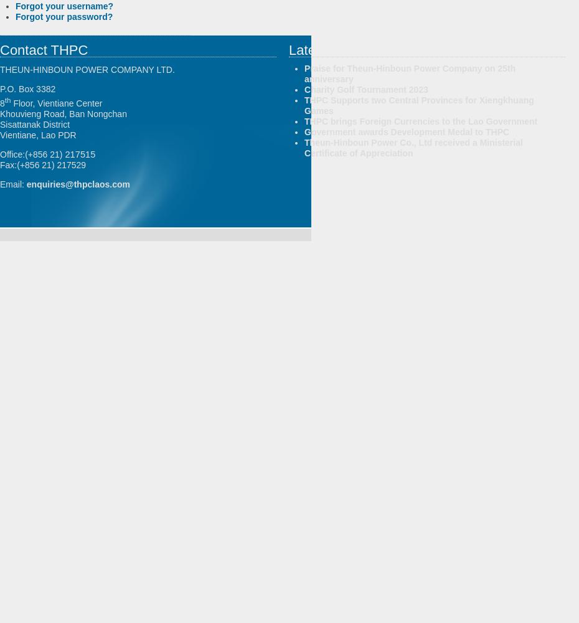  I want to click on 'P.O. Box 3382', so click(27, 89).